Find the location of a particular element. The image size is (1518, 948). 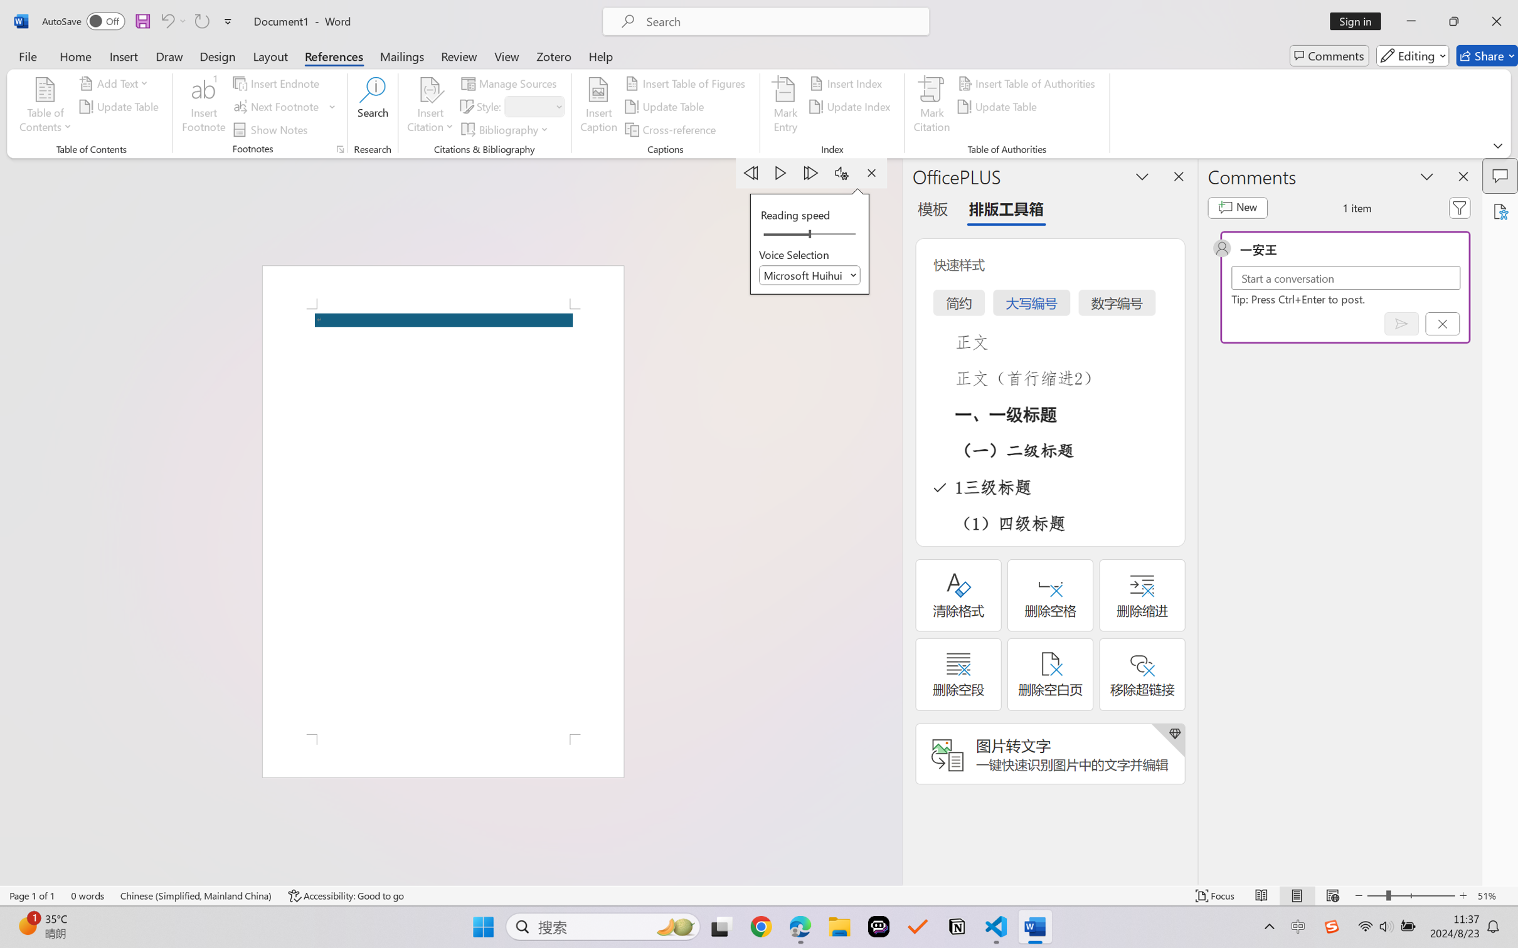

'Manage Sources...' is located at coordinates (511, 82).